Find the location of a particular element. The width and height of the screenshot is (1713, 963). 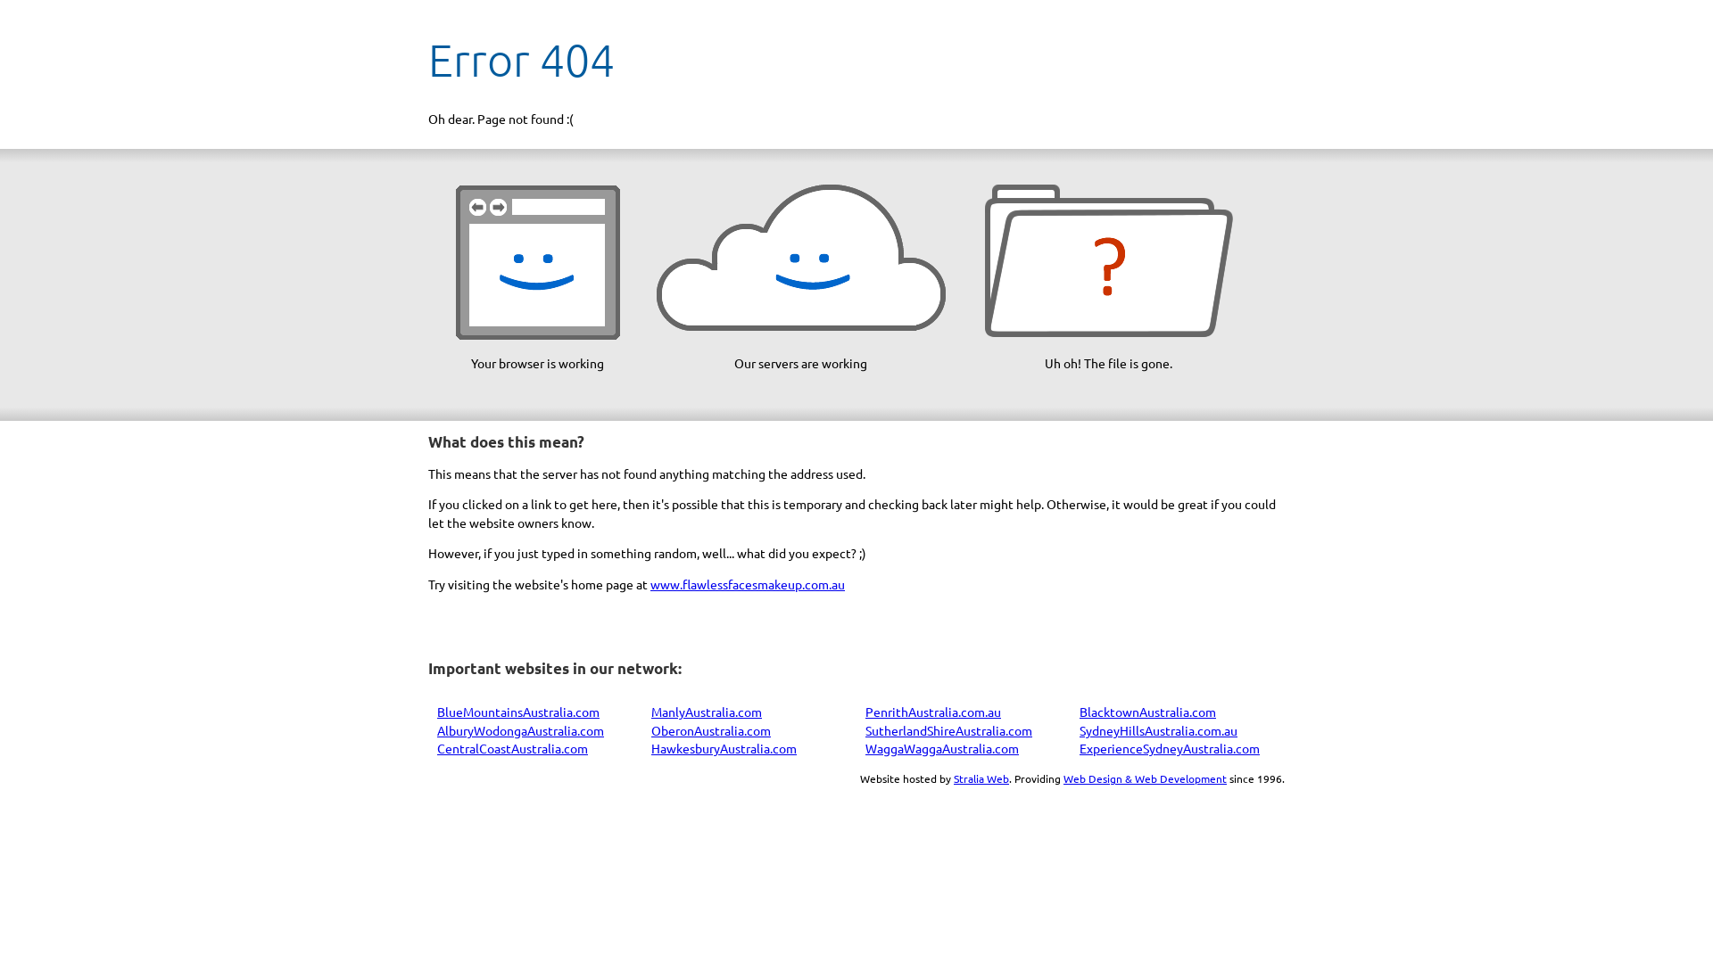

'Stralia Web' is located at coordinates (980, 777).